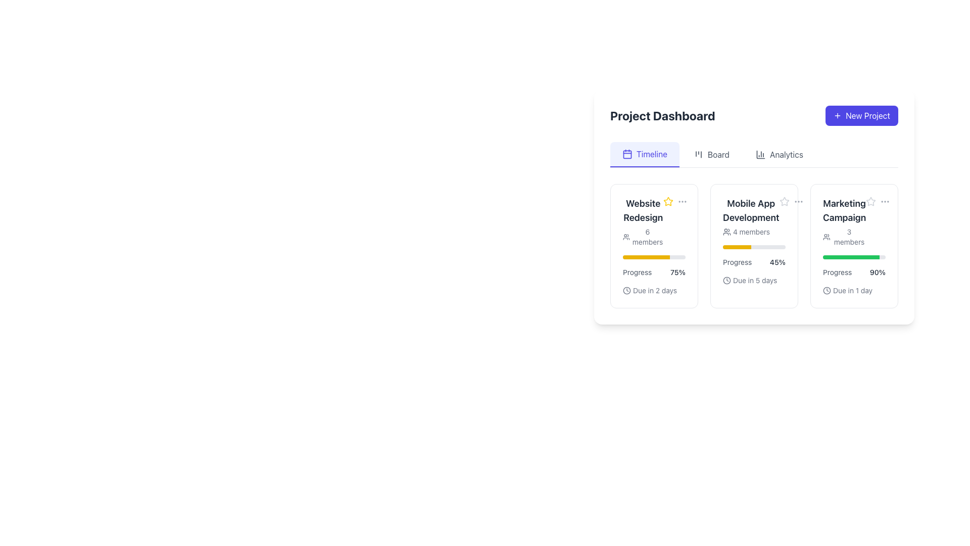 Image resolution: width=970 pixels, height=546 pixels. What do you see at coordinates (627, 154) in the screenshot?
I see `the graphic box with rounded corners located within the calendar icon next to the 'Timeline' label in the navigation bar of the dashboard` at bounding box center [627, 154].